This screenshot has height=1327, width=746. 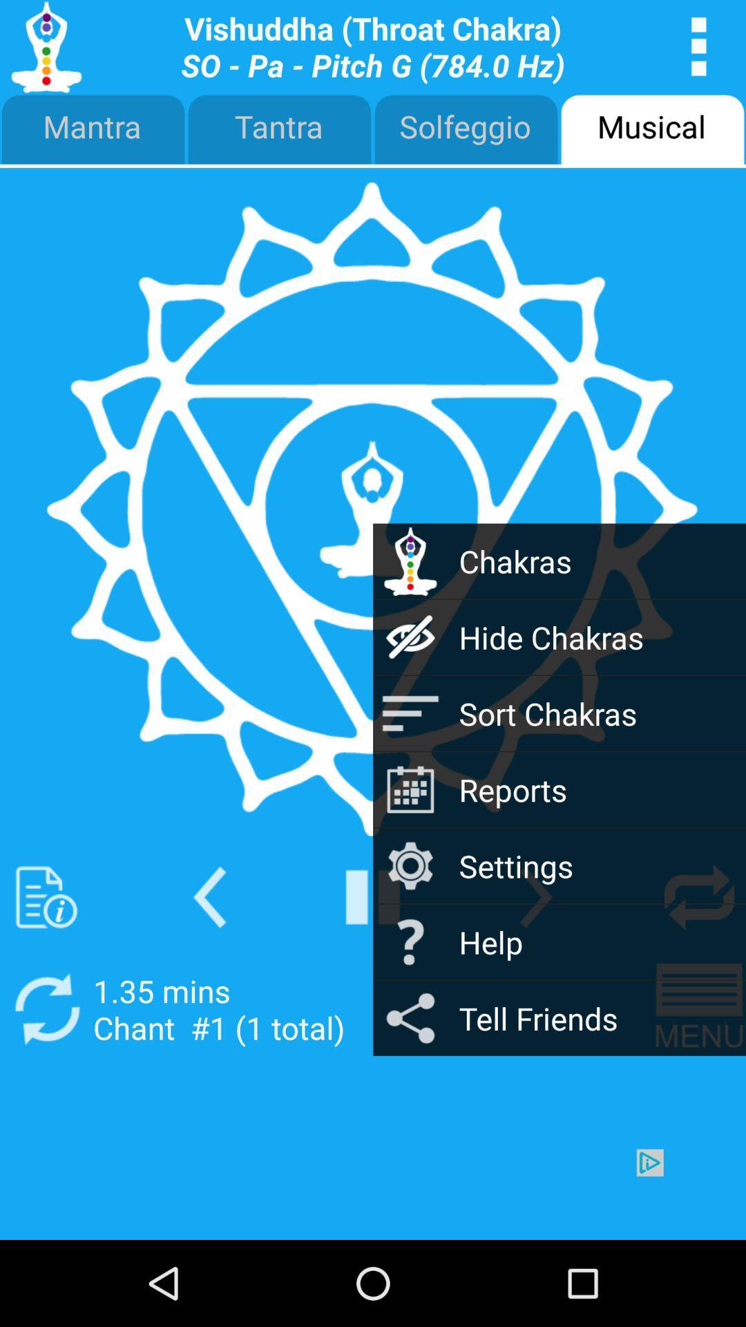 I want to click on information, so click(x=46, y=897).